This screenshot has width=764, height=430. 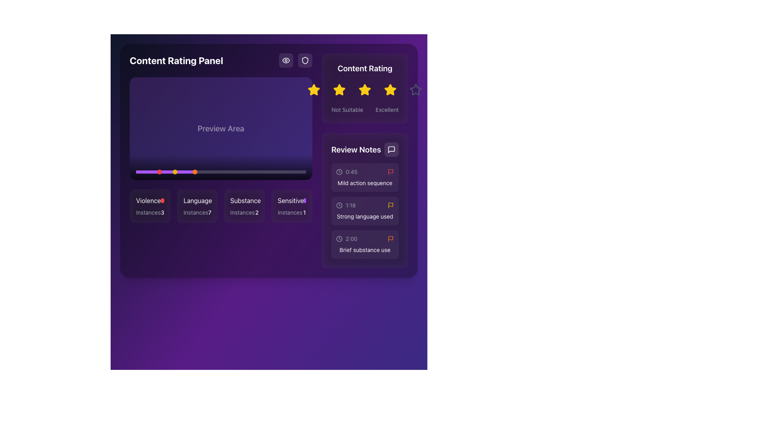 I want to click on the timestamp icon located in the 'Review Notes' section, which is positioned to the left of the text '0:45', so click(x=339, y=172).